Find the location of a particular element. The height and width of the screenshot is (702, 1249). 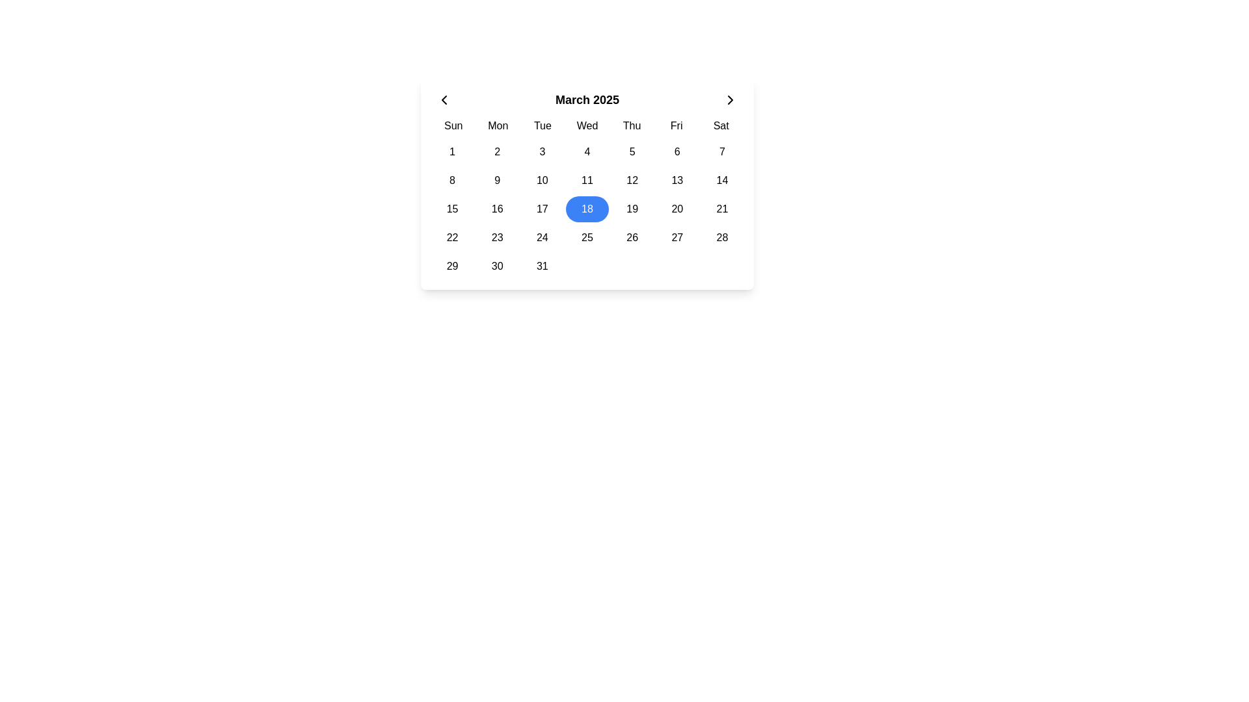

the button representing the date '29' in the calendar interface is located at coordinates (452, 265).